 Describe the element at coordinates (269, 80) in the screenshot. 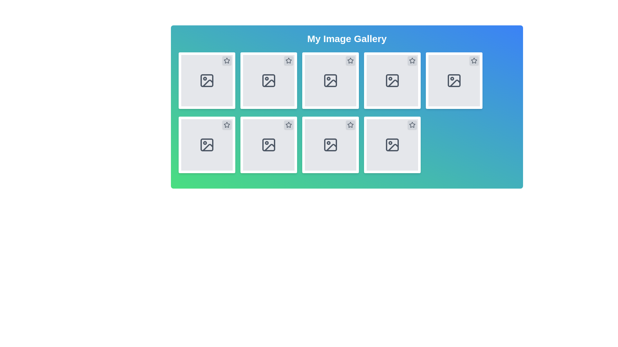

I see `the minimalist image icon with rounded edges and dark gray outlines located in the second column of the first row of a 3x3 grid` at that location.